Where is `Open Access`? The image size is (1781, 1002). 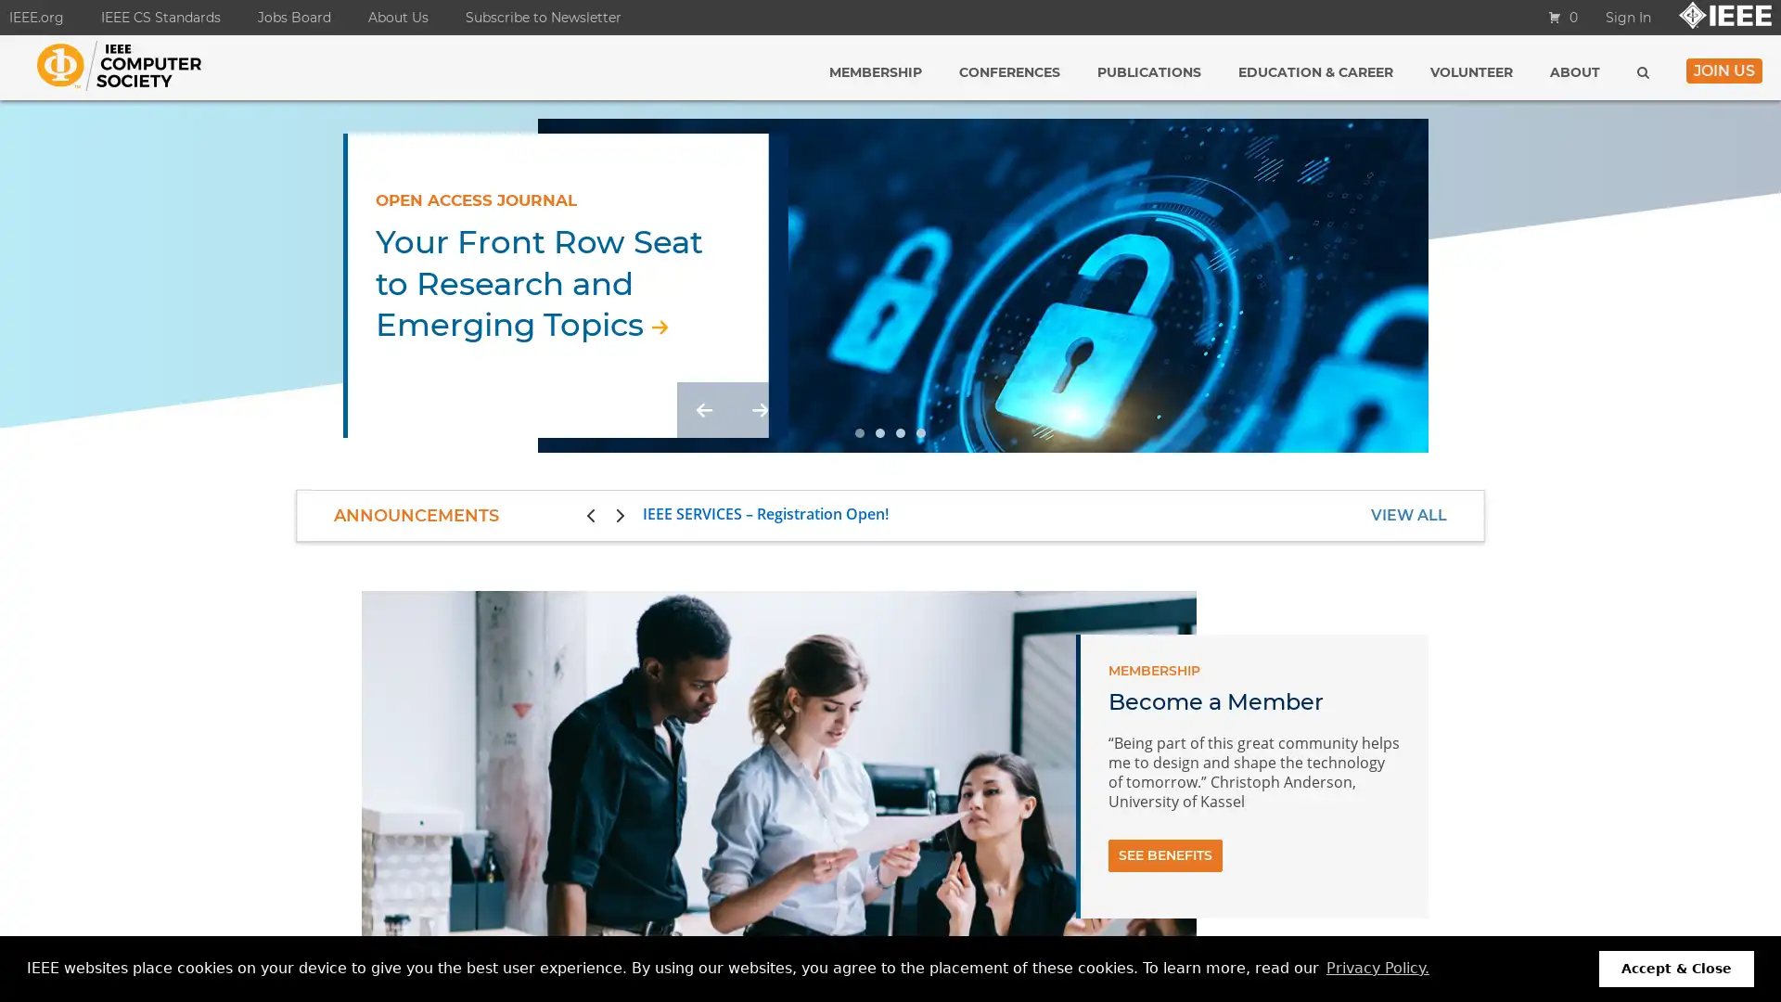 Open Access is located at coordinates (858, 432).